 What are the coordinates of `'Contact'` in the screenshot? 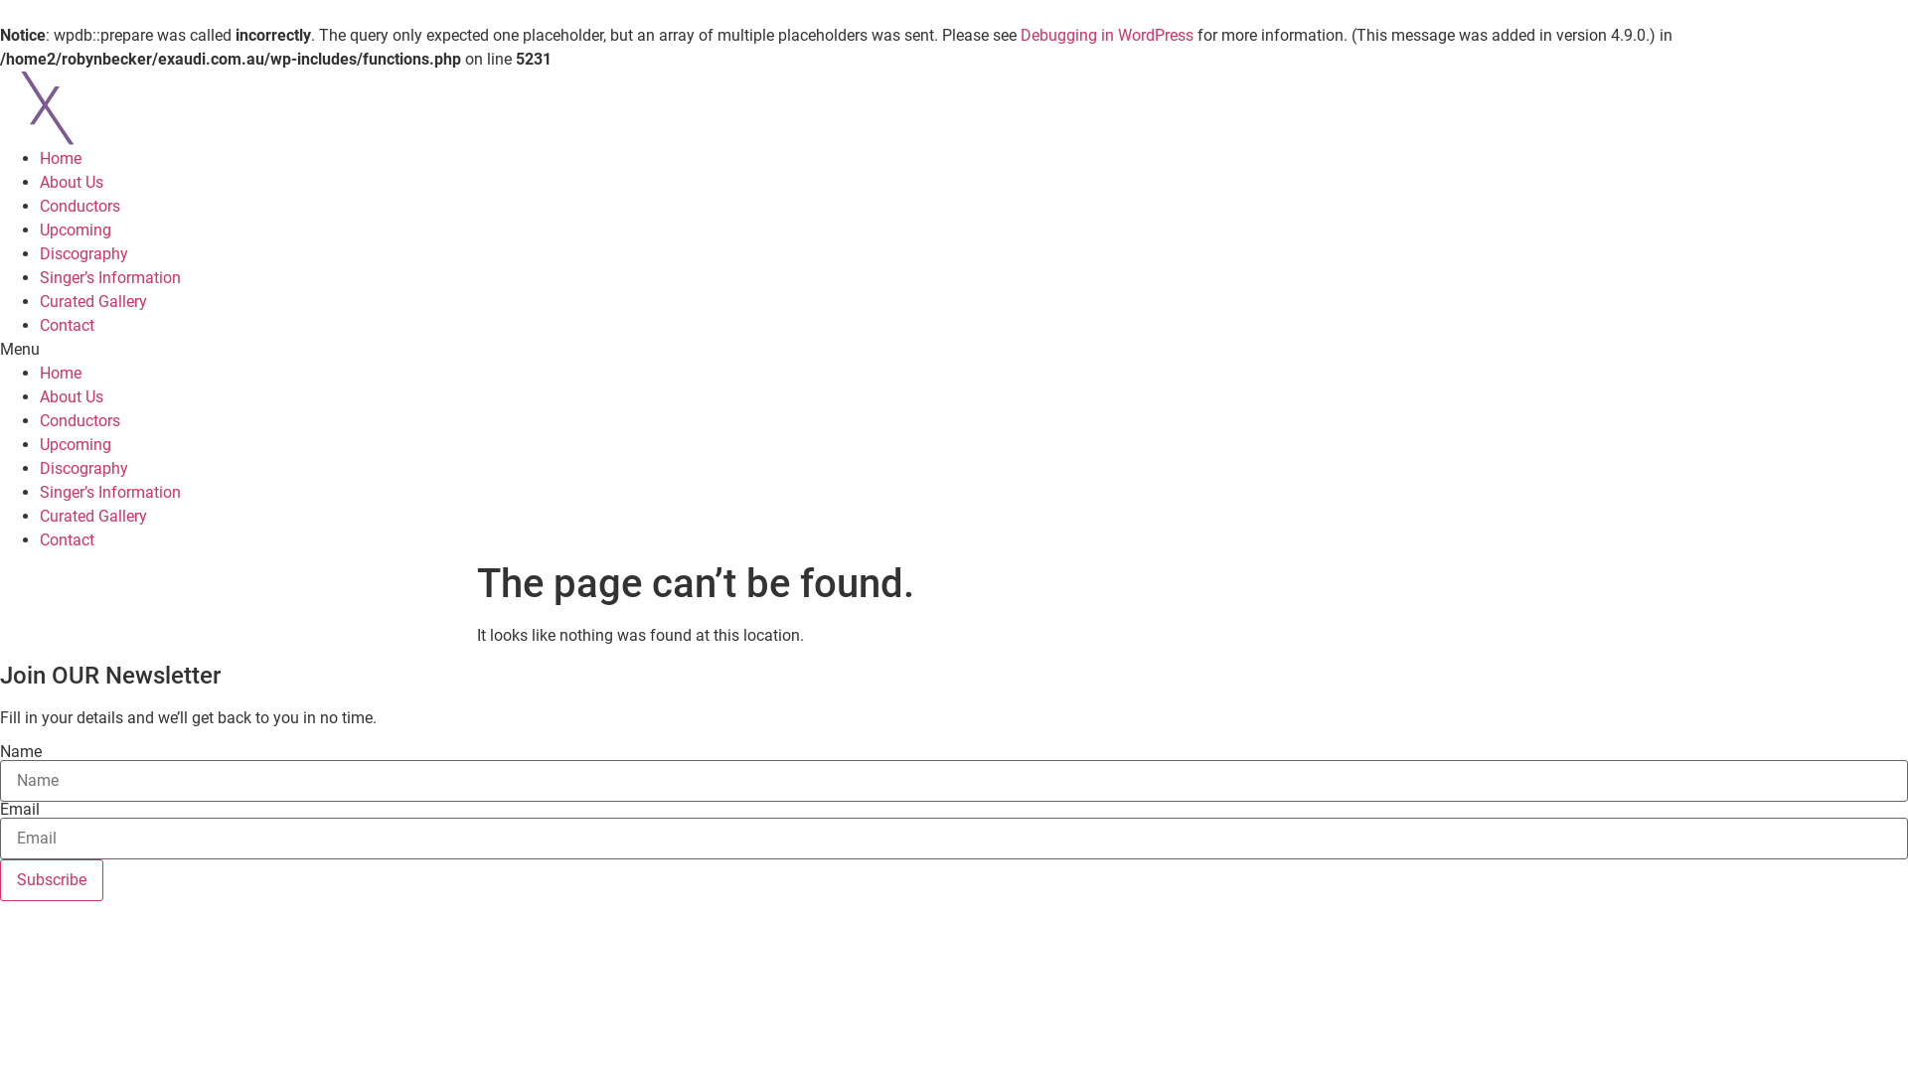 It's located at (67, 539).